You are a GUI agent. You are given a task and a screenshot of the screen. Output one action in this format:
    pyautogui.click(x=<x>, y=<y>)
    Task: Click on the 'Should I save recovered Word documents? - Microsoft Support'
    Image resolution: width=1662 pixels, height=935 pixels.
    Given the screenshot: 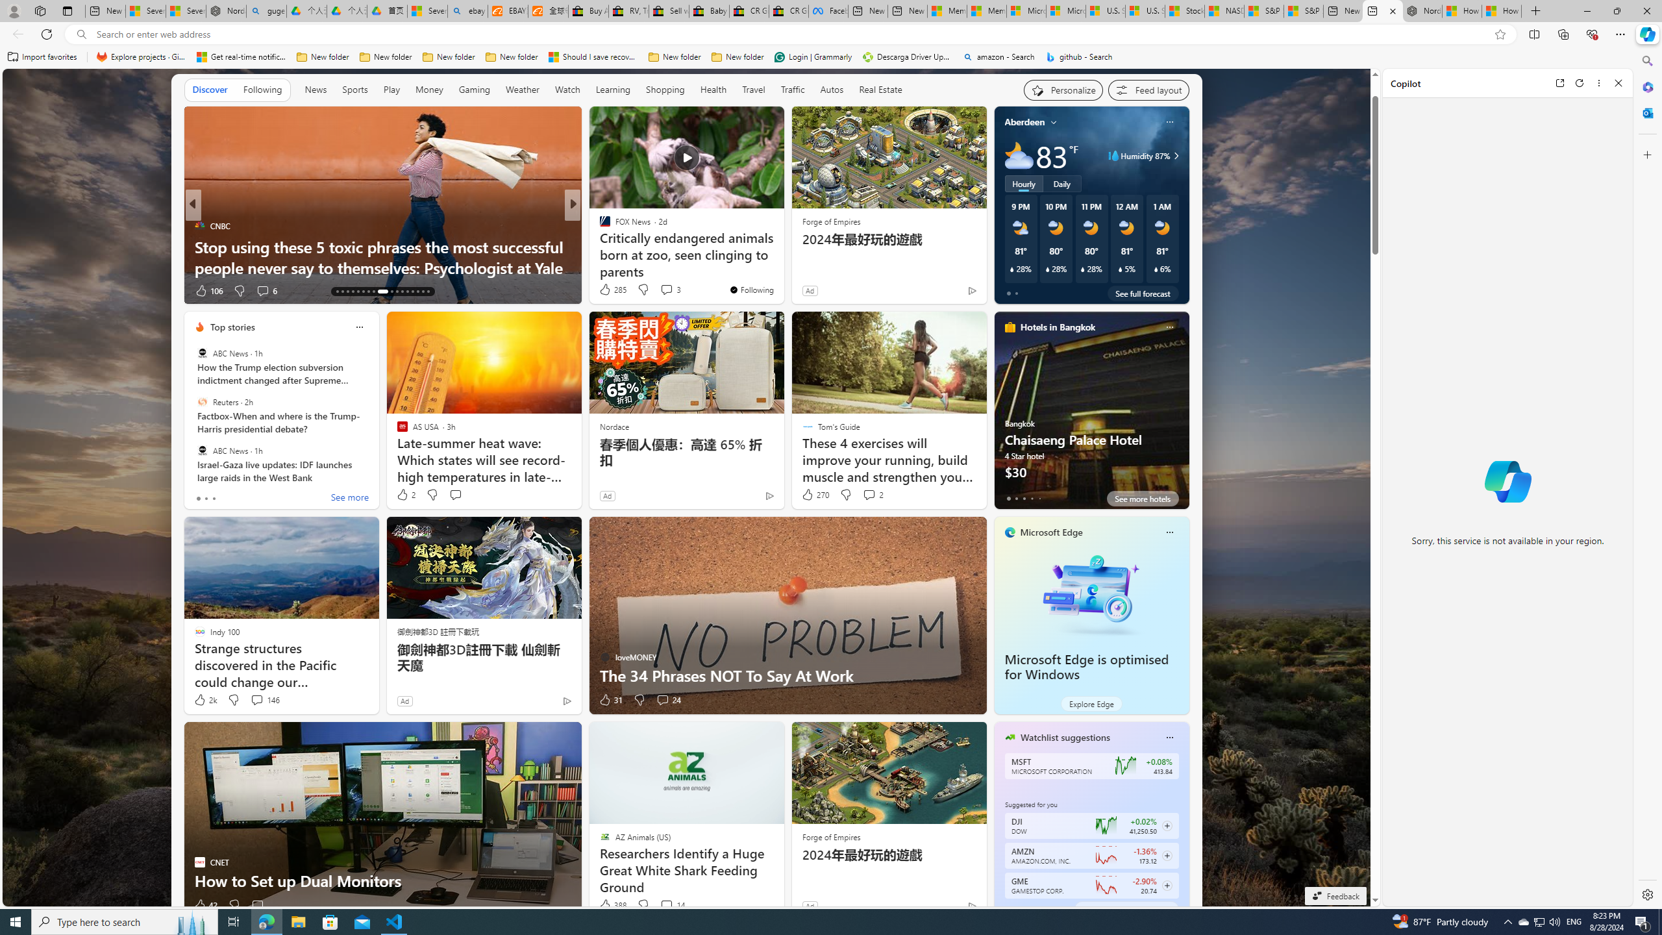 What is the action you would take?
    pyautogui.click(x=593, y=56)
    